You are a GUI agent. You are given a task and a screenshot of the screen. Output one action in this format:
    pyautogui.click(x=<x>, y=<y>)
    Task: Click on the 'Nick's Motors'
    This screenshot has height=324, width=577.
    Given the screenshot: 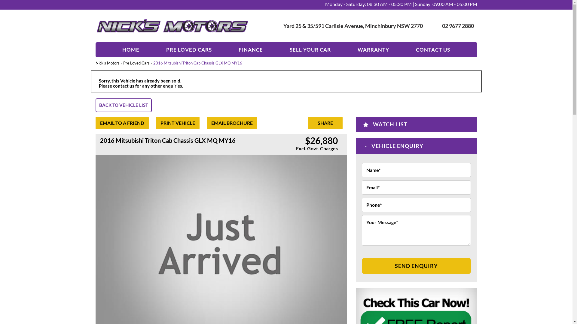 What is the action you would take?
    pyautogui.click(x=95, y=63)
    